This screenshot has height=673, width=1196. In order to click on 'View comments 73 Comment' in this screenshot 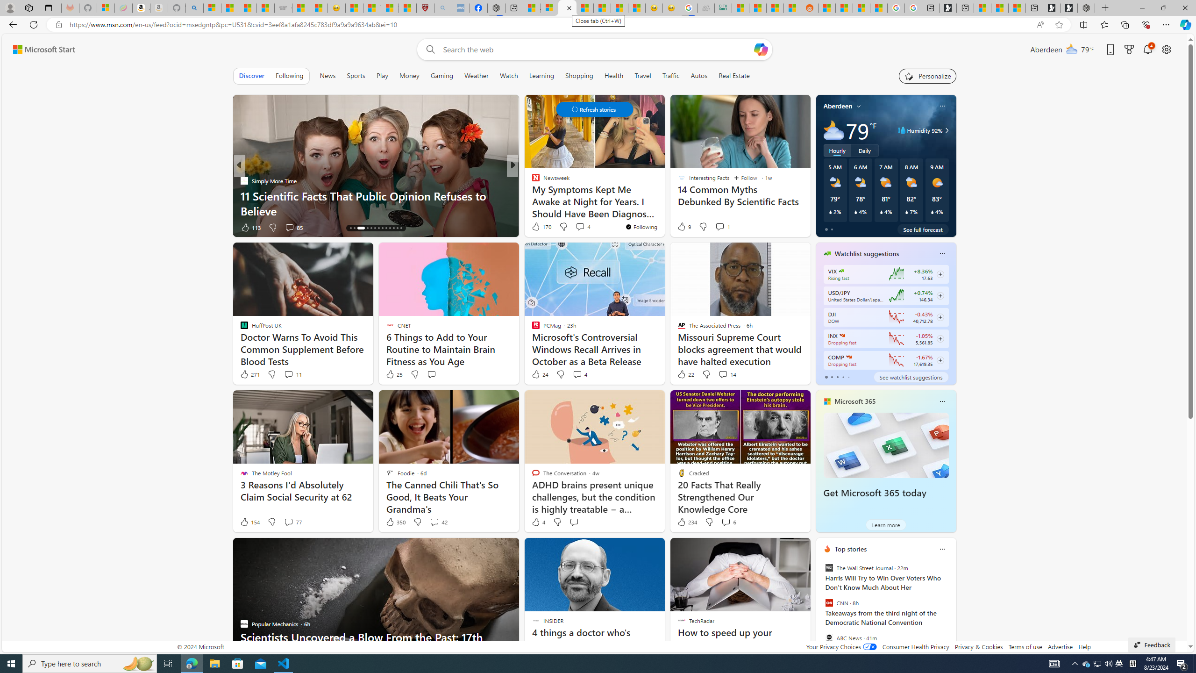, I will do `click(577, 227)`.